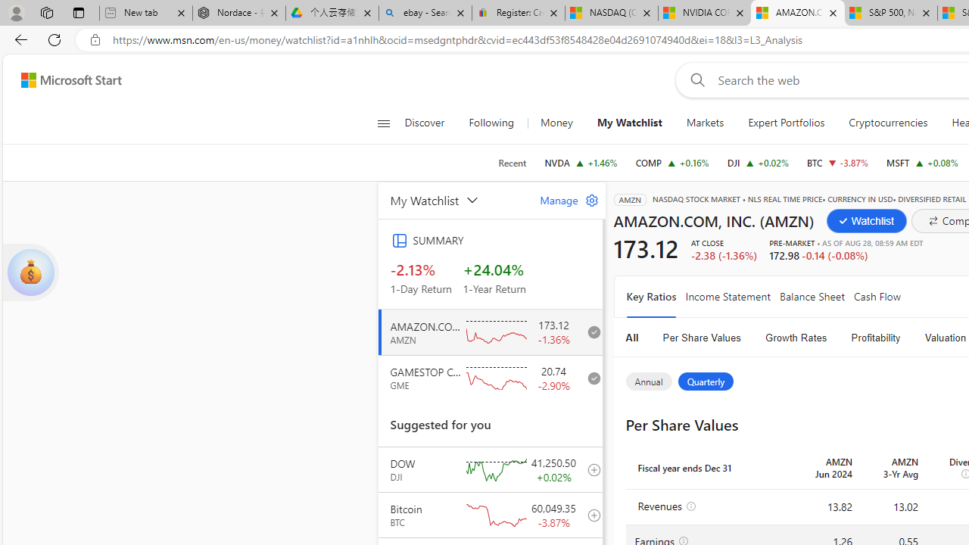 Image resolution: width=969 pixels, height=545 pixels. What do you see at coordinates (786, 123) in the screenshot?
I see `'Expert Portfolios'` at bounding box center [786, 123].